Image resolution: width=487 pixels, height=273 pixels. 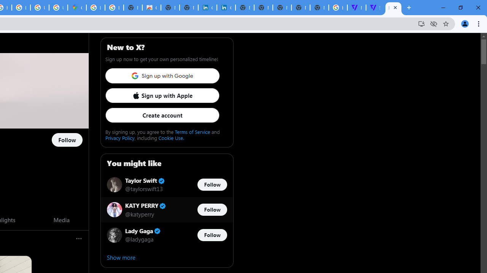 I want to click on 'New Tab', so click(x=319, y=8).